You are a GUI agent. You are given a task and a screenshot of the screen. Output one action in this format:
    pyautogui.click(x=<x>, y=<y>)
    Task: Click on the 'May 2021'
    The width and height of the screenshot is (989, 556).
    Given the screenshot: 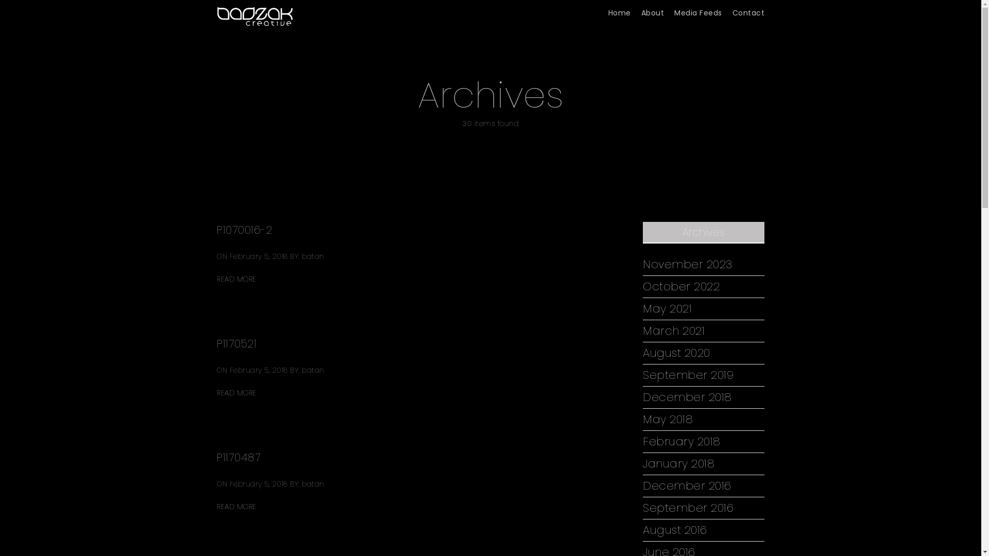 What is the action you would take?
    pyautogui.click(x=667, y=308)
    